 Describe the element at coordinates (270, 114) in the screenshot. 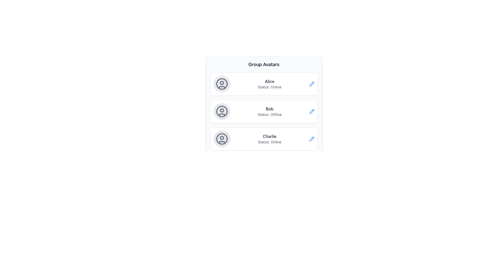

I see `the Text Display indicating the current status of user 'Bob', which shows 'Offline'` at that location.